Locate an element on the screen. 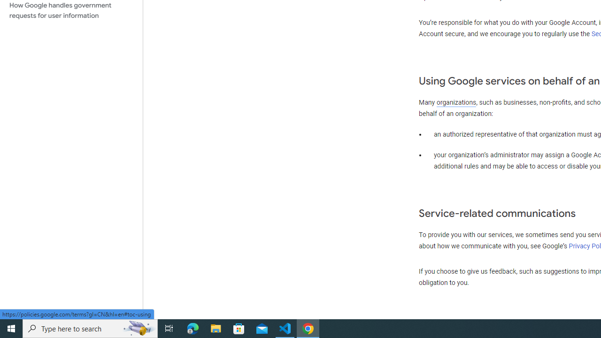 The width and height of the screenshot is (601, 338). 'organizations' is located at coordinates (456, 102).